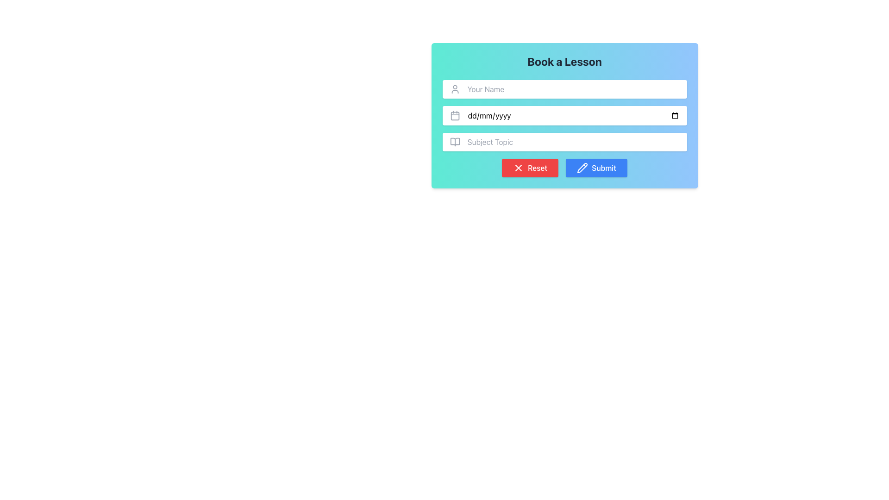  I want to click on the editing or confirmation icon located within the 'Submit' button area, which is positioned at the bottom right of the form, so click(582, 168).